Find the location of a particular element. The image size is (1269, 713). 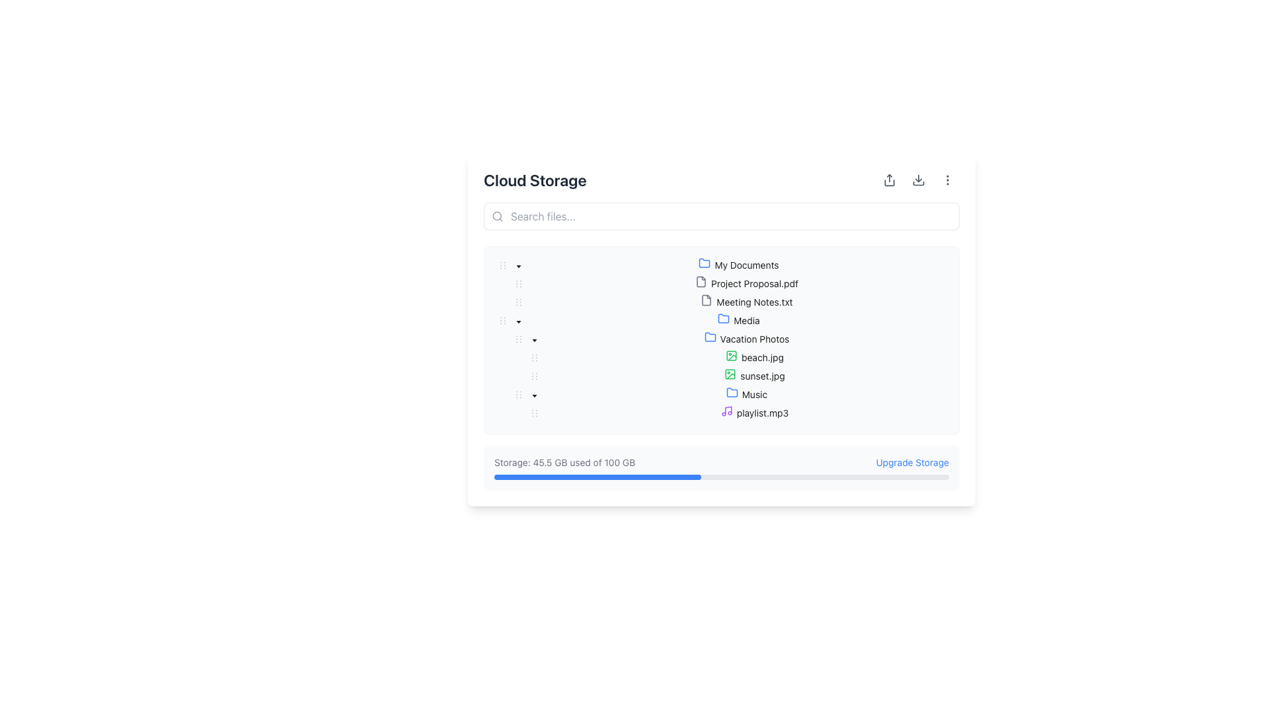

the 'Media' folder icon in the tree view, which indicates that the folder is currently open or expandable is located at coordinates (725, 321).